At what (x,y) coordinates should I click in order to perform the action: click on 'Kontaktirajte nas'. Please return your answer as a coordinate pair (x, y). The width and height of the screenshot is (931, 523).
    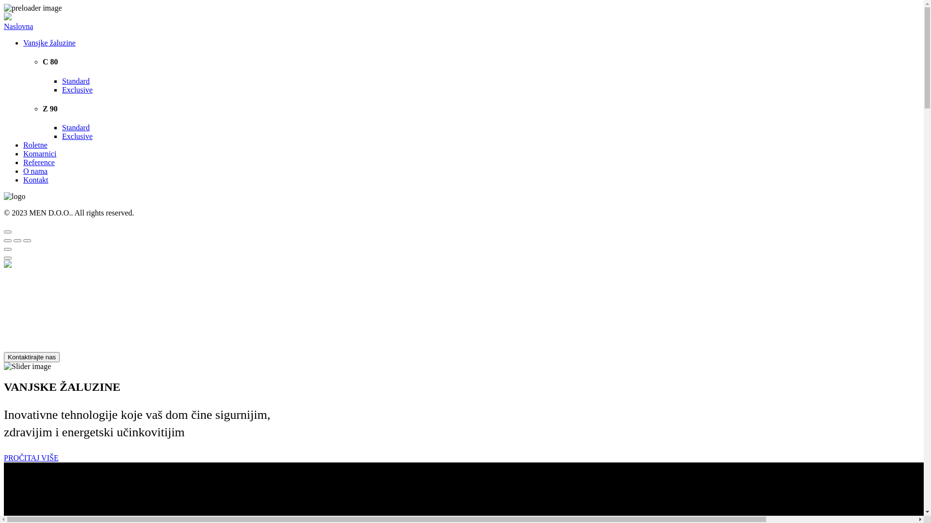
    Looking at the image, I should click on (32, 357).